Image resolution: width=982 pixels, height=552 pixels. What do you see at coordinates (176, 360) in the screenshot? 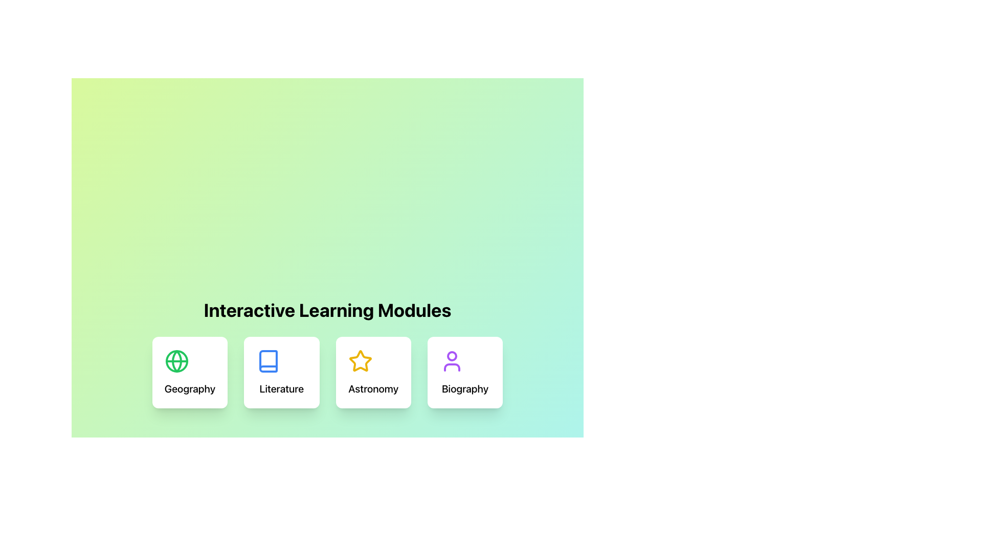
I see `the green circular icon representing Geography, which is the first in a row of four icons under 'Interactive Learning Modules'` at bounding box center [176, 360].